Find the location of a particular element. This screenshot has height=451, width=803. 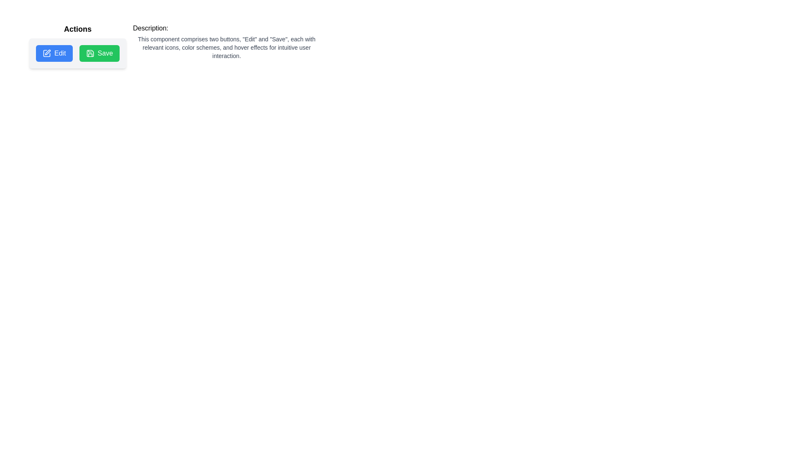

the 'Edit' button, which is a blue rectangular button with rounded corners, displaying white text and a pen icon, to observe its hover effects is located at coordinates (54, 53).